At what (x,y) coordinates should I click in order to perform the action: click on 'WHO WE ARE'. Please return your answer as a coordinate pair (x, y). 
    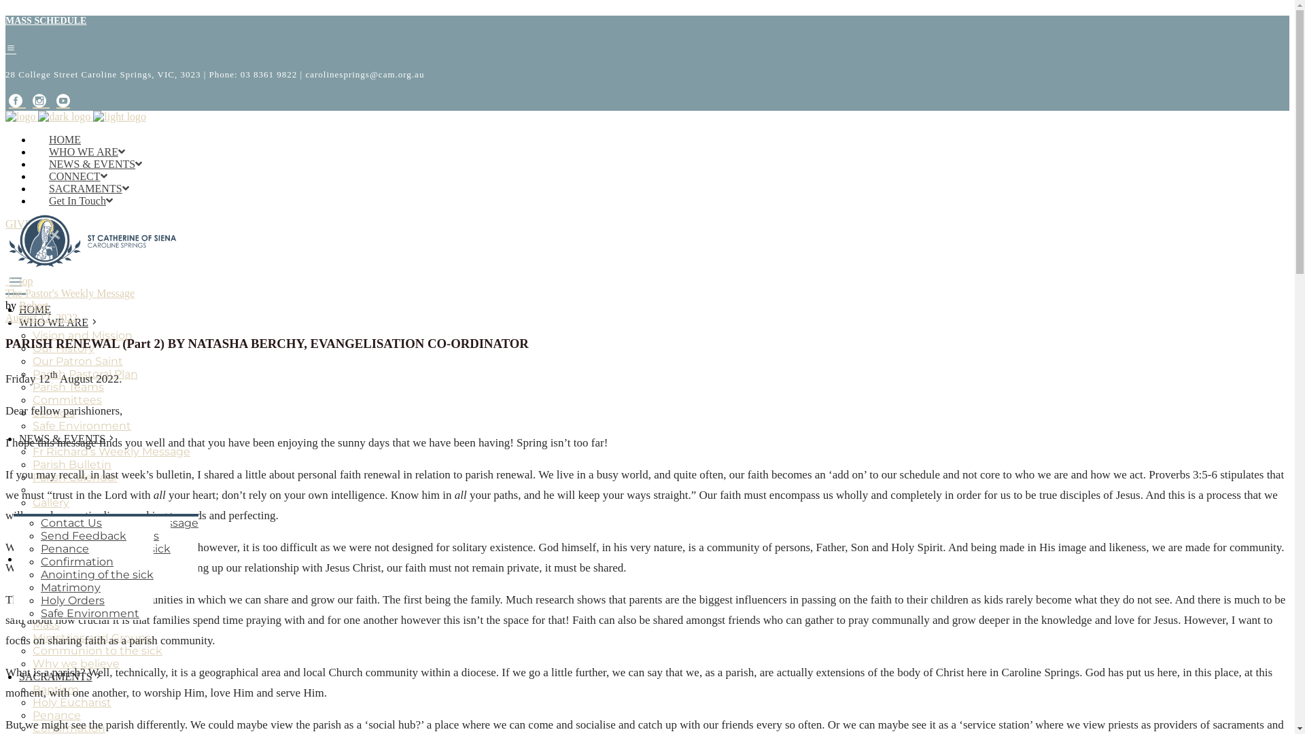
    Looking at the image, I should click on (19, 322).